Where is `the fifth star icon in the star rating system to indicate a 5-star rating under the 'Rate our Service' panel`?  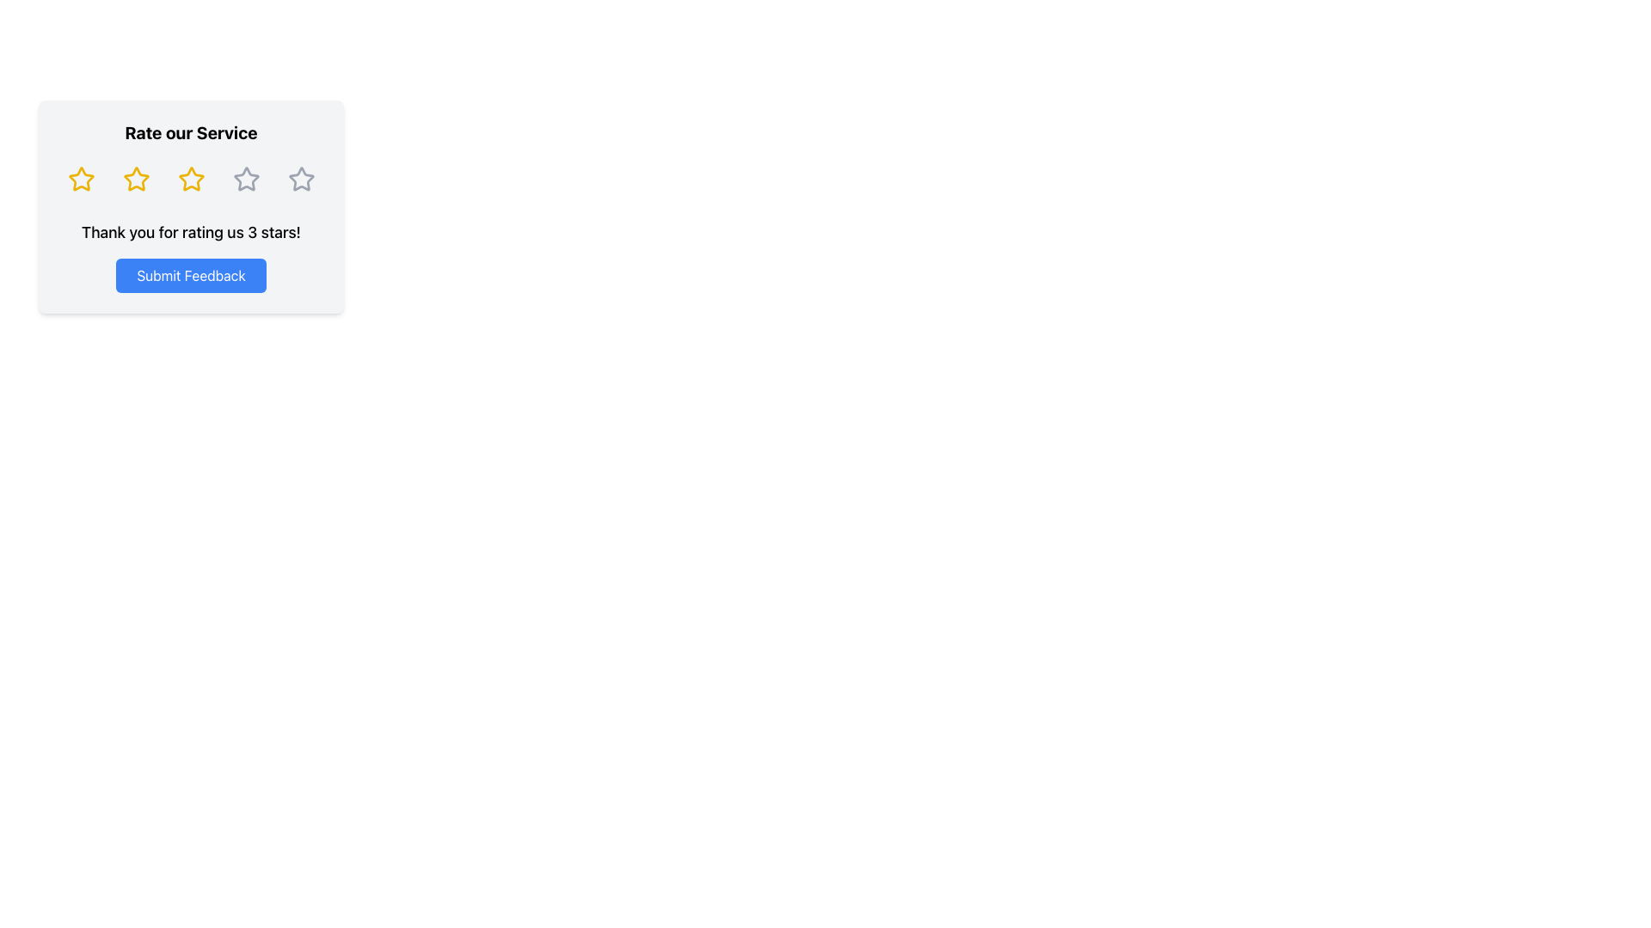
the fifth star icon in the star rating system to indicate a 5-star rating under the 'Rate our Service' panel is located at coordinates (301, 179).